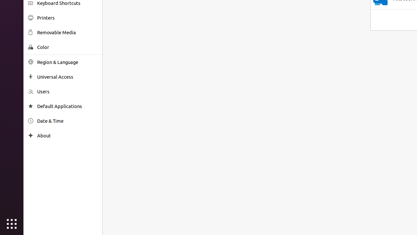 The height and width of the screenshot is (235, 417). What do you see at coordinates (67, 47) in the screenshot?
I see `'Color'` at bounding box center [67, 47].